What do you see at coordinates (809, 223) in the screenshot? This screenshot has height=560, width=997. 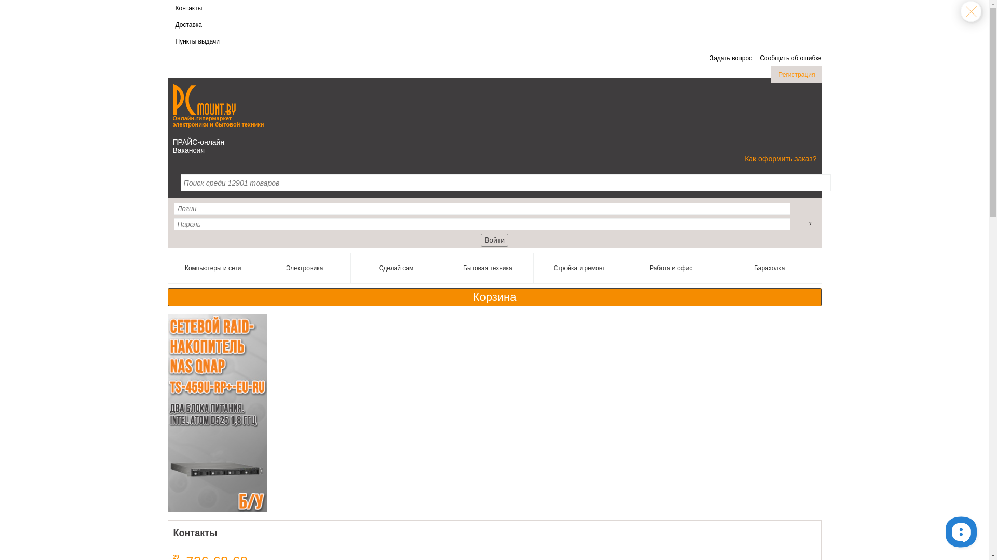 I see `'?'` at bounding box center [809, 223].